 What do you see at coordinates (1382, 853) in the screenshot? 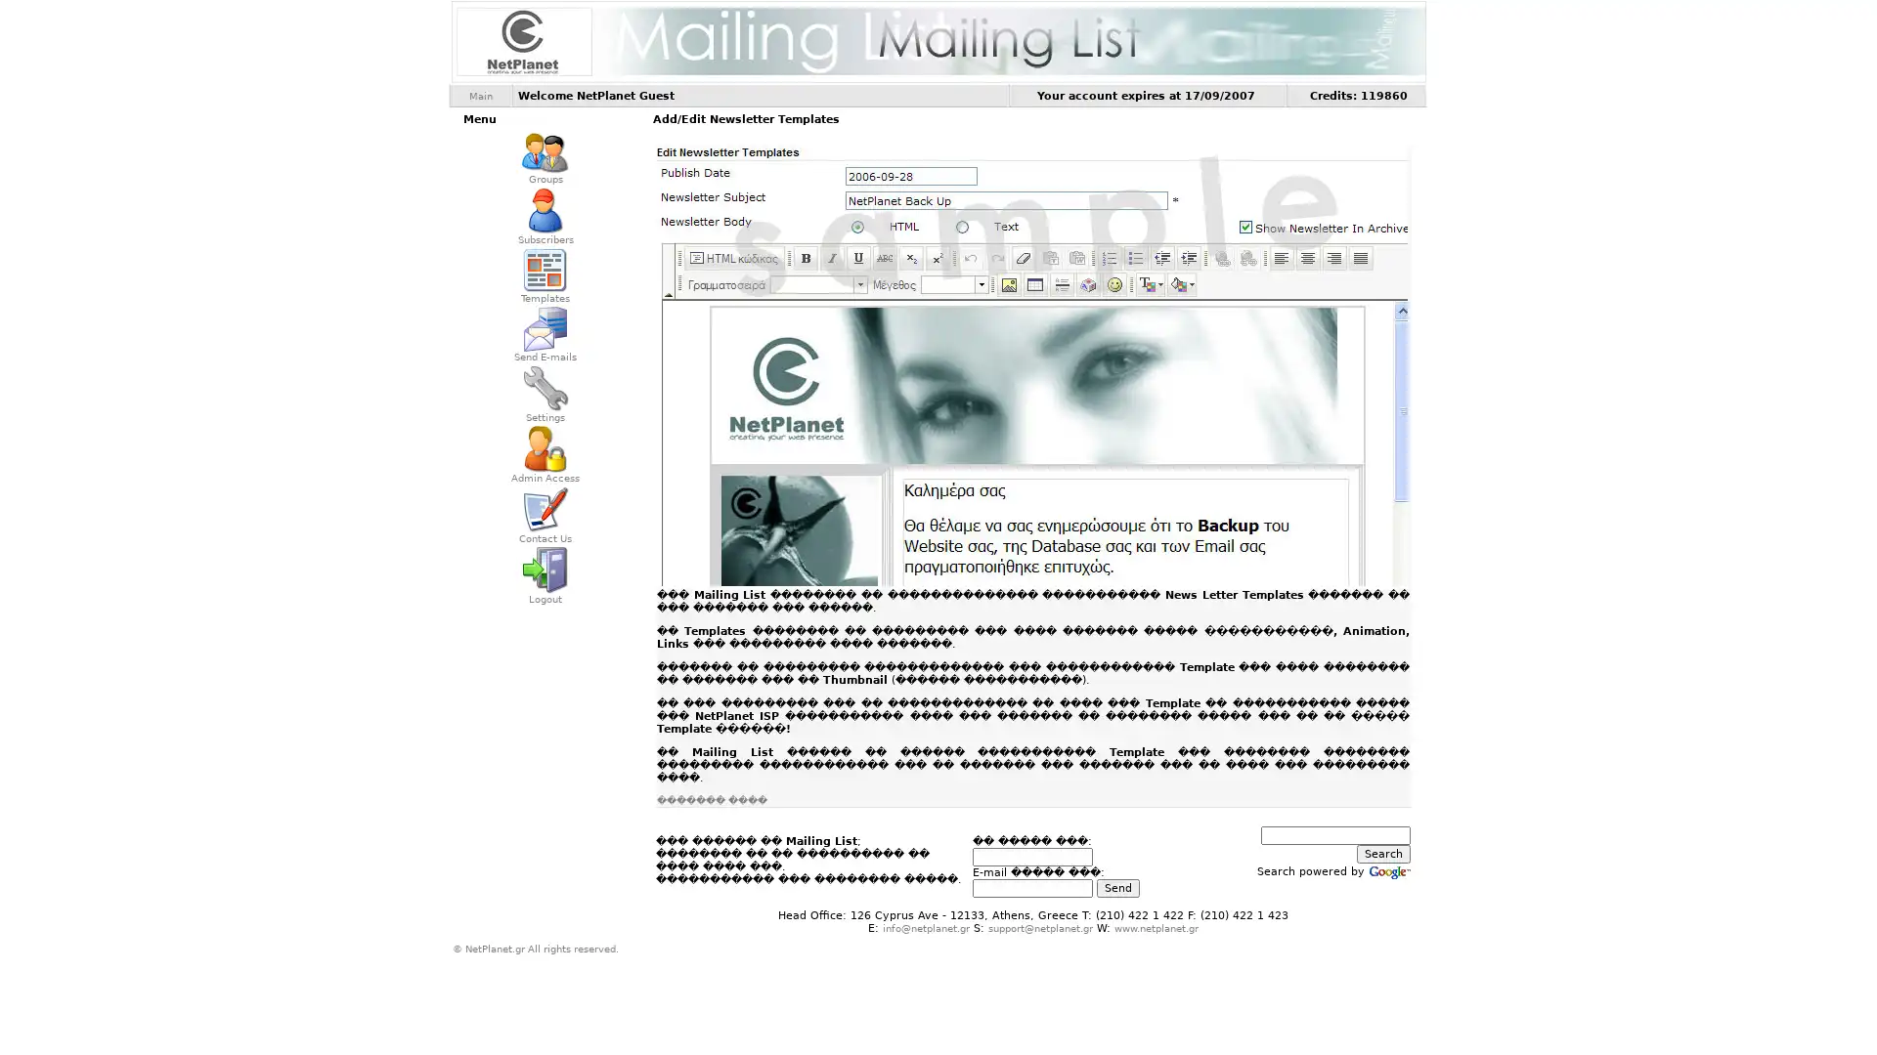
I see `Search` at bounding box center [1382, 853].